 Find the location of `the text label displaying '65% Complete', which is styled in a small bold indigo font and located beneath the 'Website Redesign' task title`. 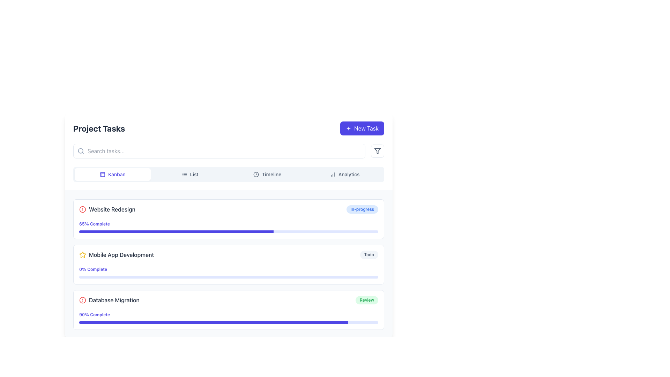

the text label displaying '65% Complete', which is styled in a small bold indigo font and located beneath the 'Website Redesign' task title is located at coordinates (94, 223).